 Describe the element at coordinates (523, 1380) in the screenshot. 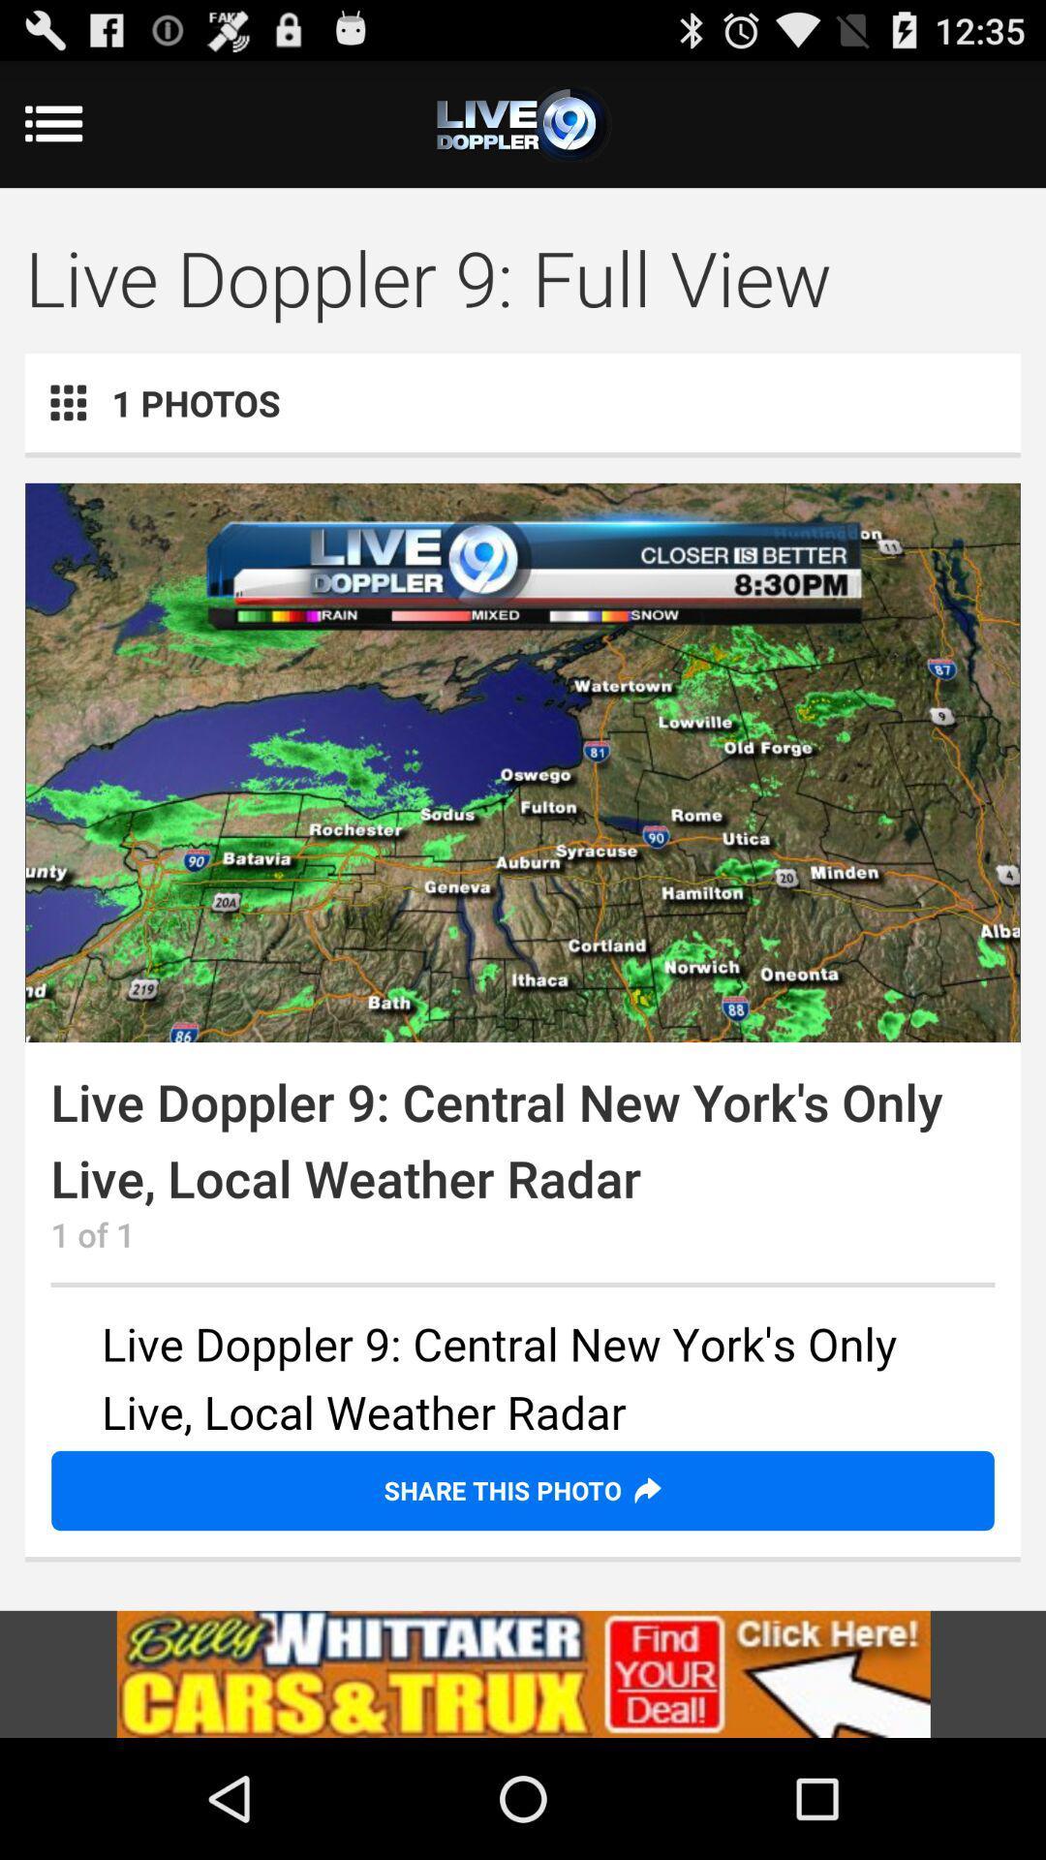

I see `see advertisement` at that location.